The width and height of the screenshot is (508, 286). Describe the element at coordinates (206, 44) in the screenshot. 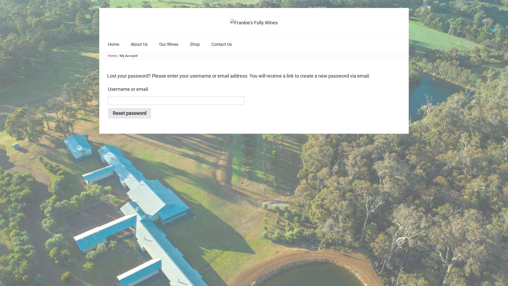

I see `'Contact Us'` at that location.